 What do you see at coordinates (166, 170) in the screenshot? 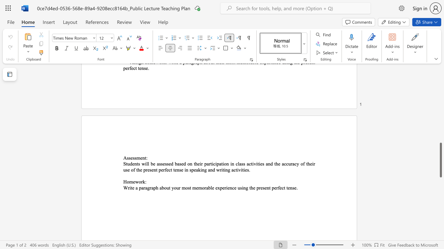
I see `the subset text "ect tense in speaking and writing activities" within the text "Students will be assessed based on their participation in class activities and the accuracy of their use of the present perfect tense in speaking and writing activities."` at bounding box center [166, 170].